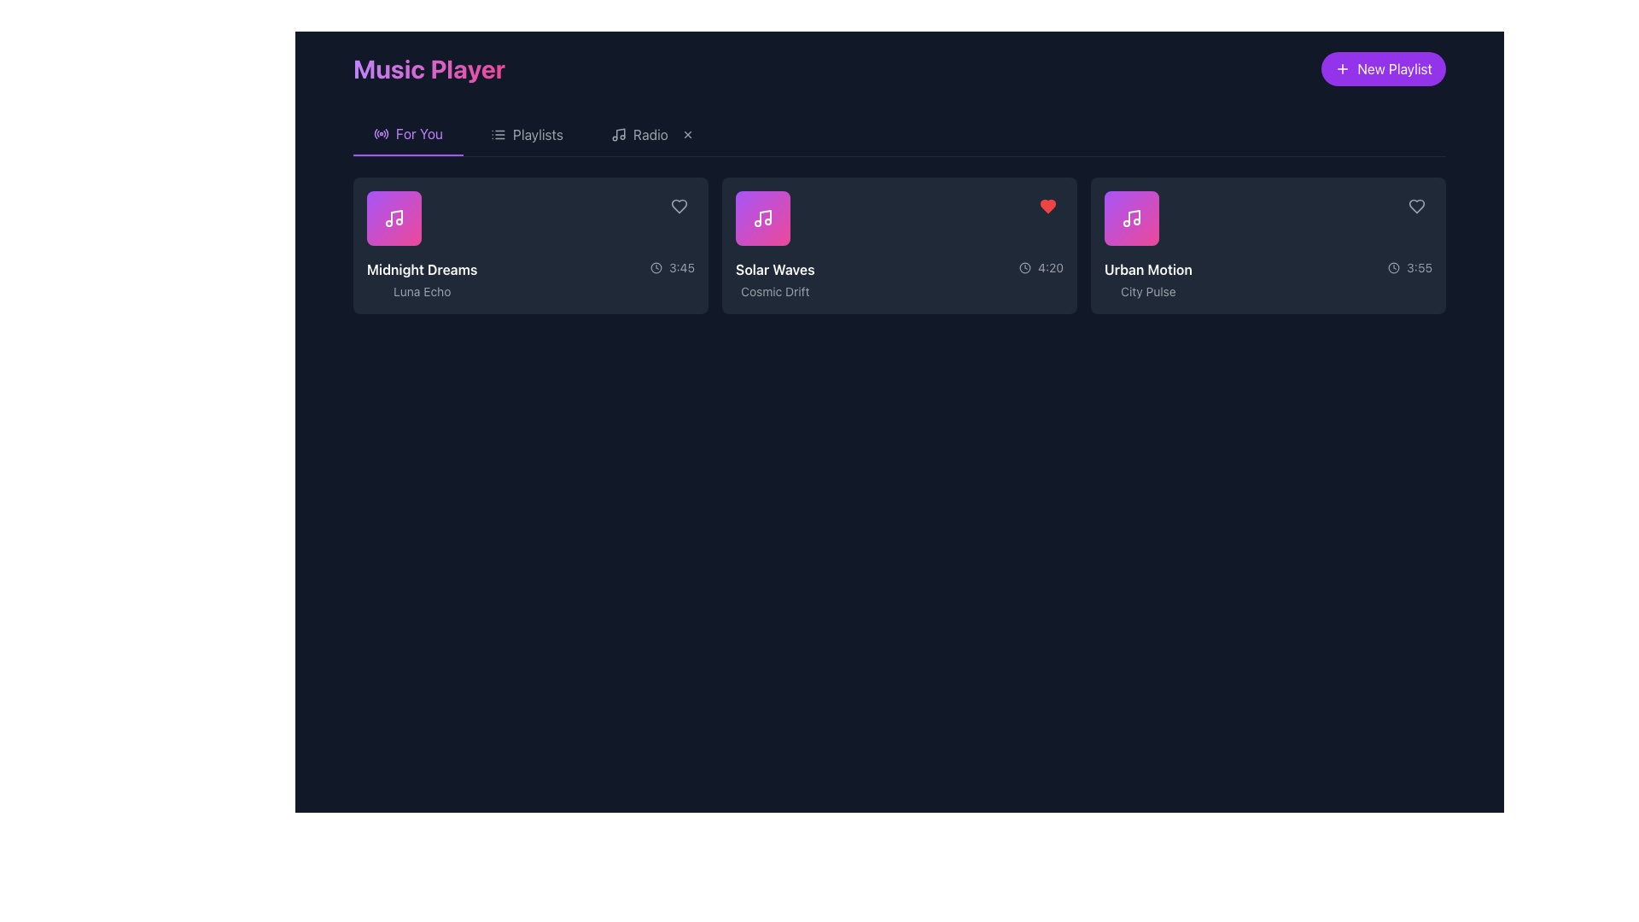 This screenshot has width=1639, height=922. I want to click on the clock icon indicating the duration of the music track '4:20' in the 'Solar Waves' music card, which is located next to the heart-shaped favorite icon, so click(1024, 267).